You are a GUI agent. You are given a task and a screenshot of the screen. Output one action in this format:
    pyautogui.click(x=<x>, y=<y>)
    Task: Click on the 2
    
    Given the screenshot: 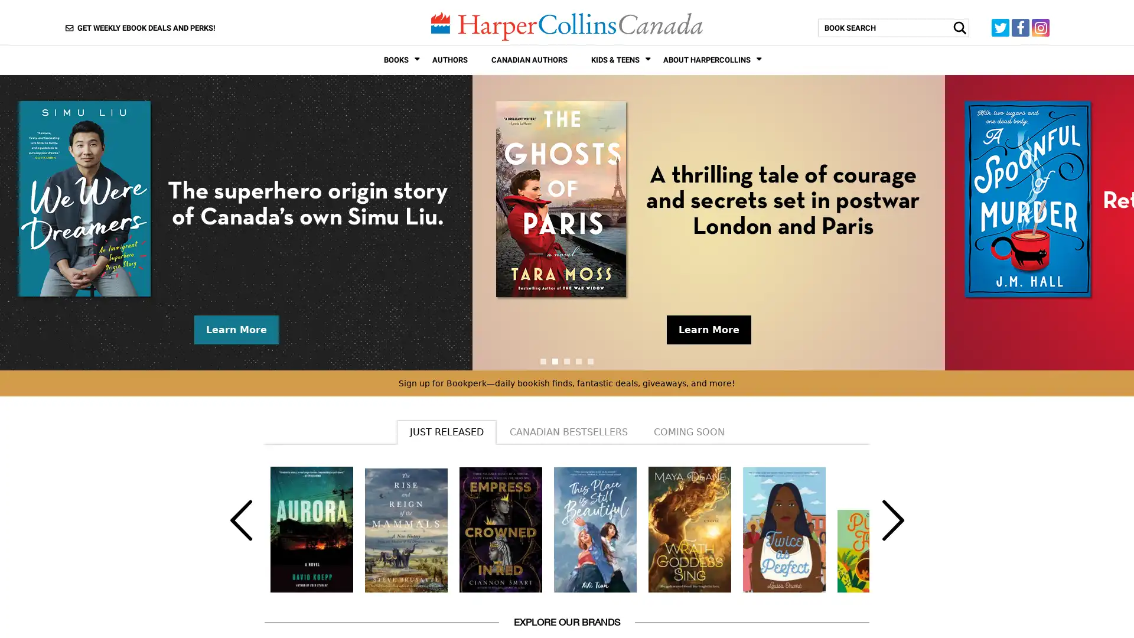 What is the action you would take?
    pyautogui.click(x=555, y=360)
    